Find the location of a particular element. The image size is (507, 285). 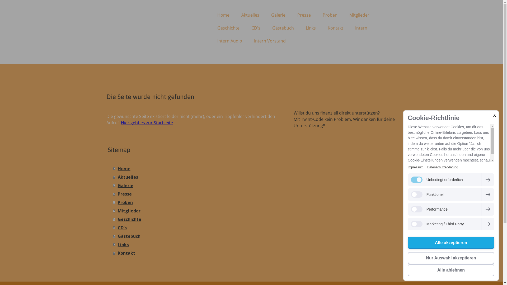

'Links' is located at coordinates (311, 28).